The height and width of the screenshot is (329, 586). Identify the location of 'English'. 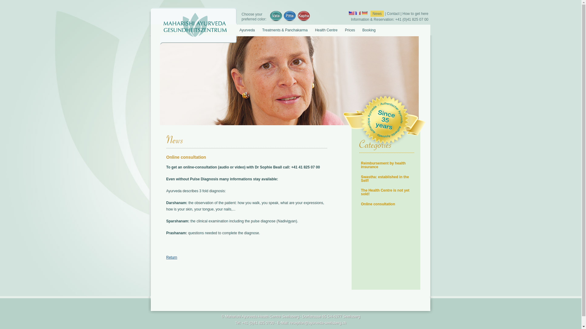
(352, 13).